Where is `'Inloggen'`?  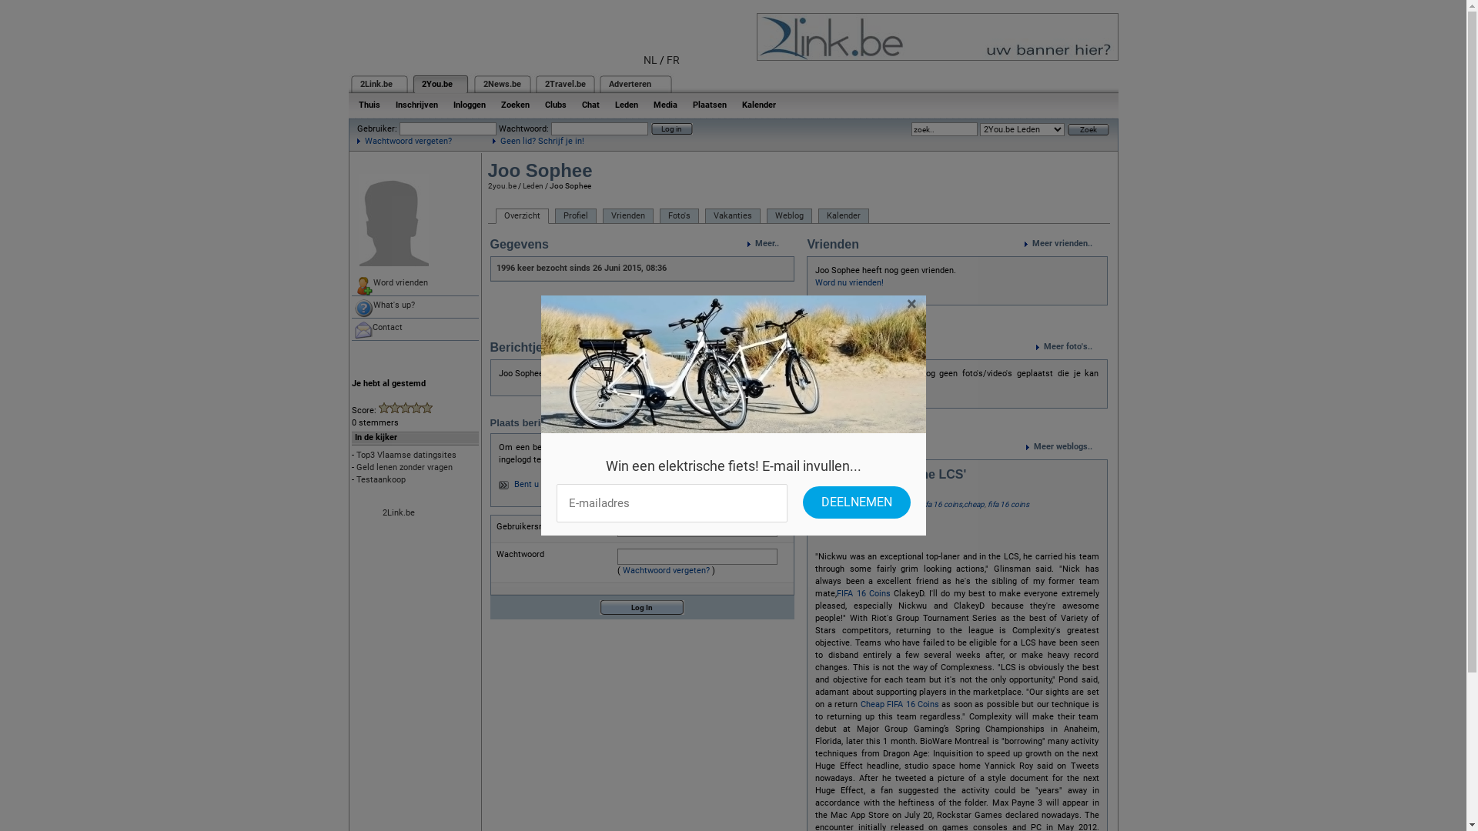 'Inloggen' is located at coordinates (468, 104).